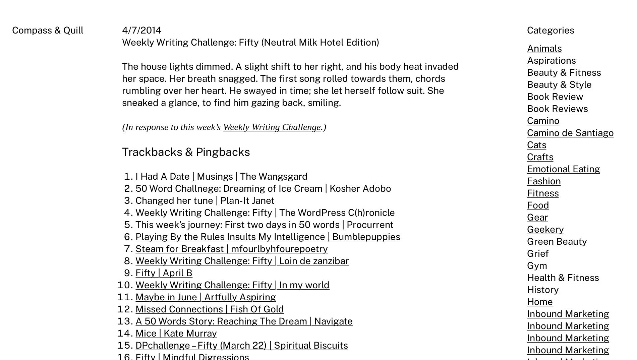 Image resolution: width=637 pixels, height=360 pixels. What do you see at coordinates (267, 236) in the screenshot?
I see `'Playing By the Rules Insults My Intelligence | Bumblepuppies'` at bounding box center [267, 236].